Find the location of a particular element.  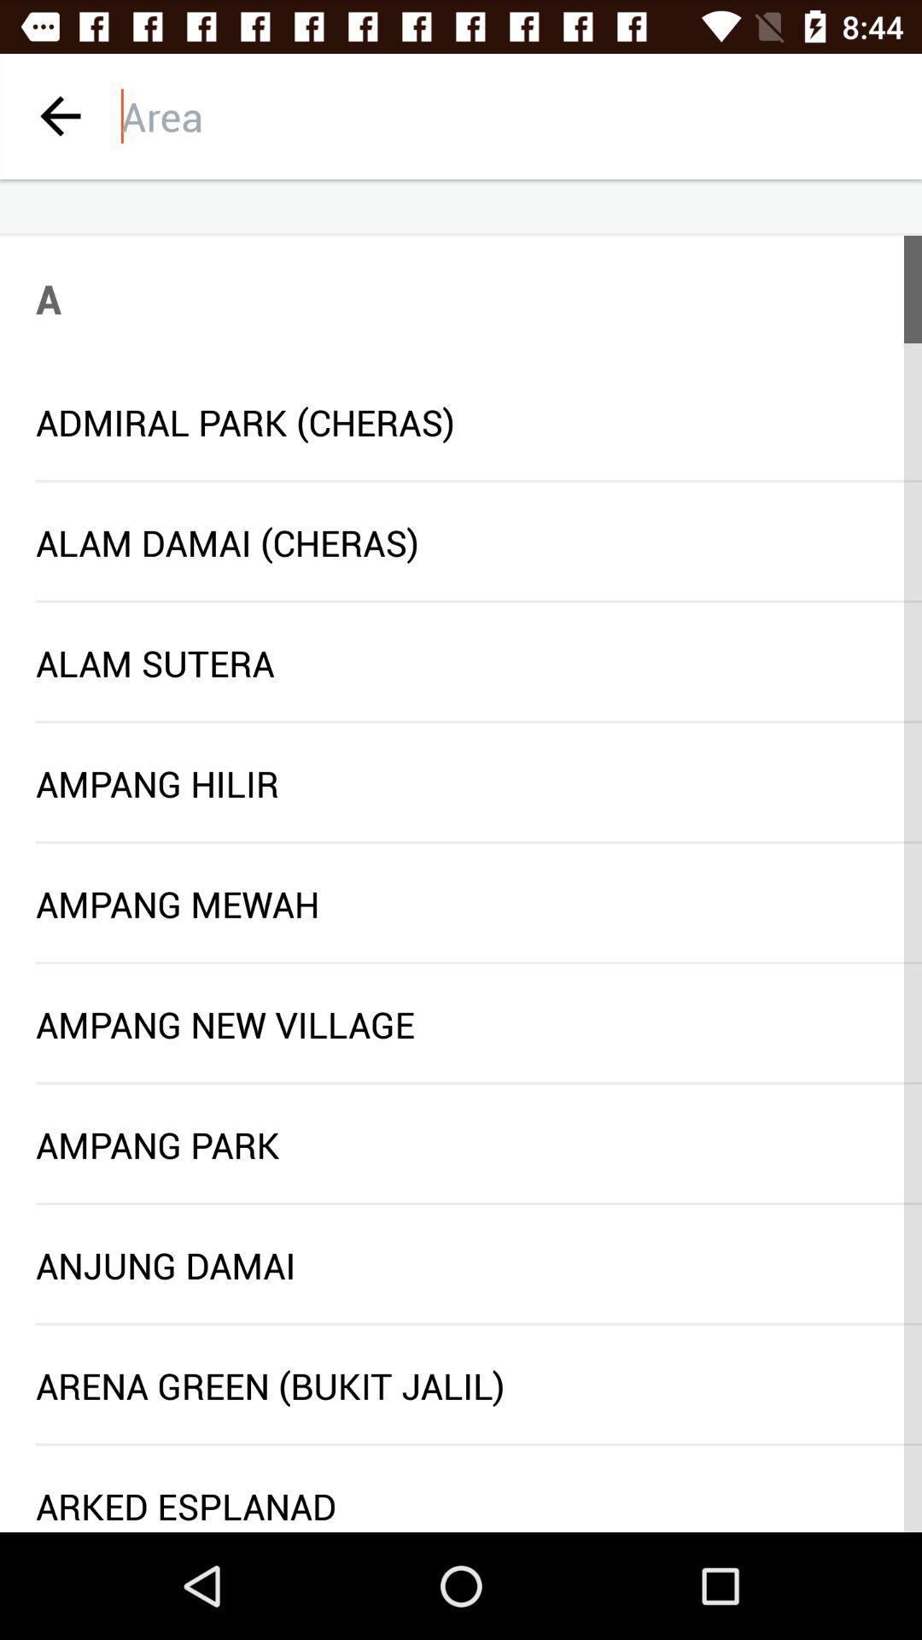

the icon above arked esplanad icon is located at coordinates (478, 1444).